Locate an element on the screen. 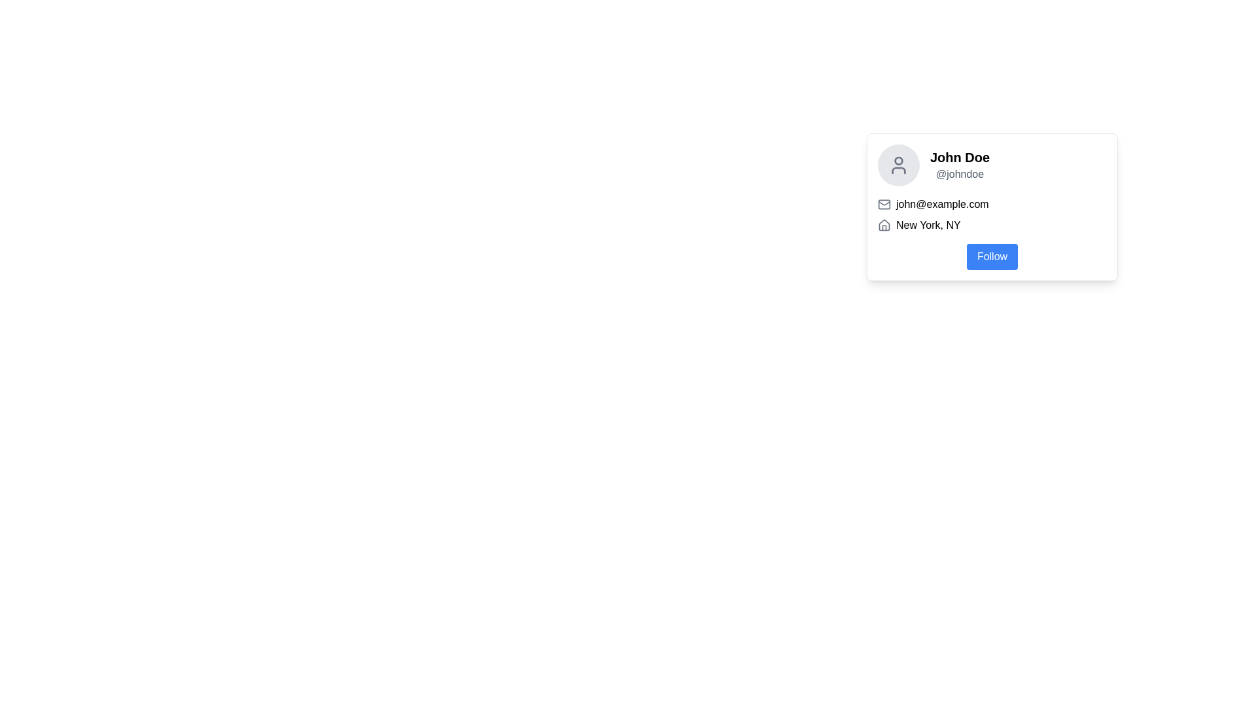  the decorative SVG icon representing a home or address location, which is adjacent to the text 'New York, NY' is located at coordinates (884, 224).